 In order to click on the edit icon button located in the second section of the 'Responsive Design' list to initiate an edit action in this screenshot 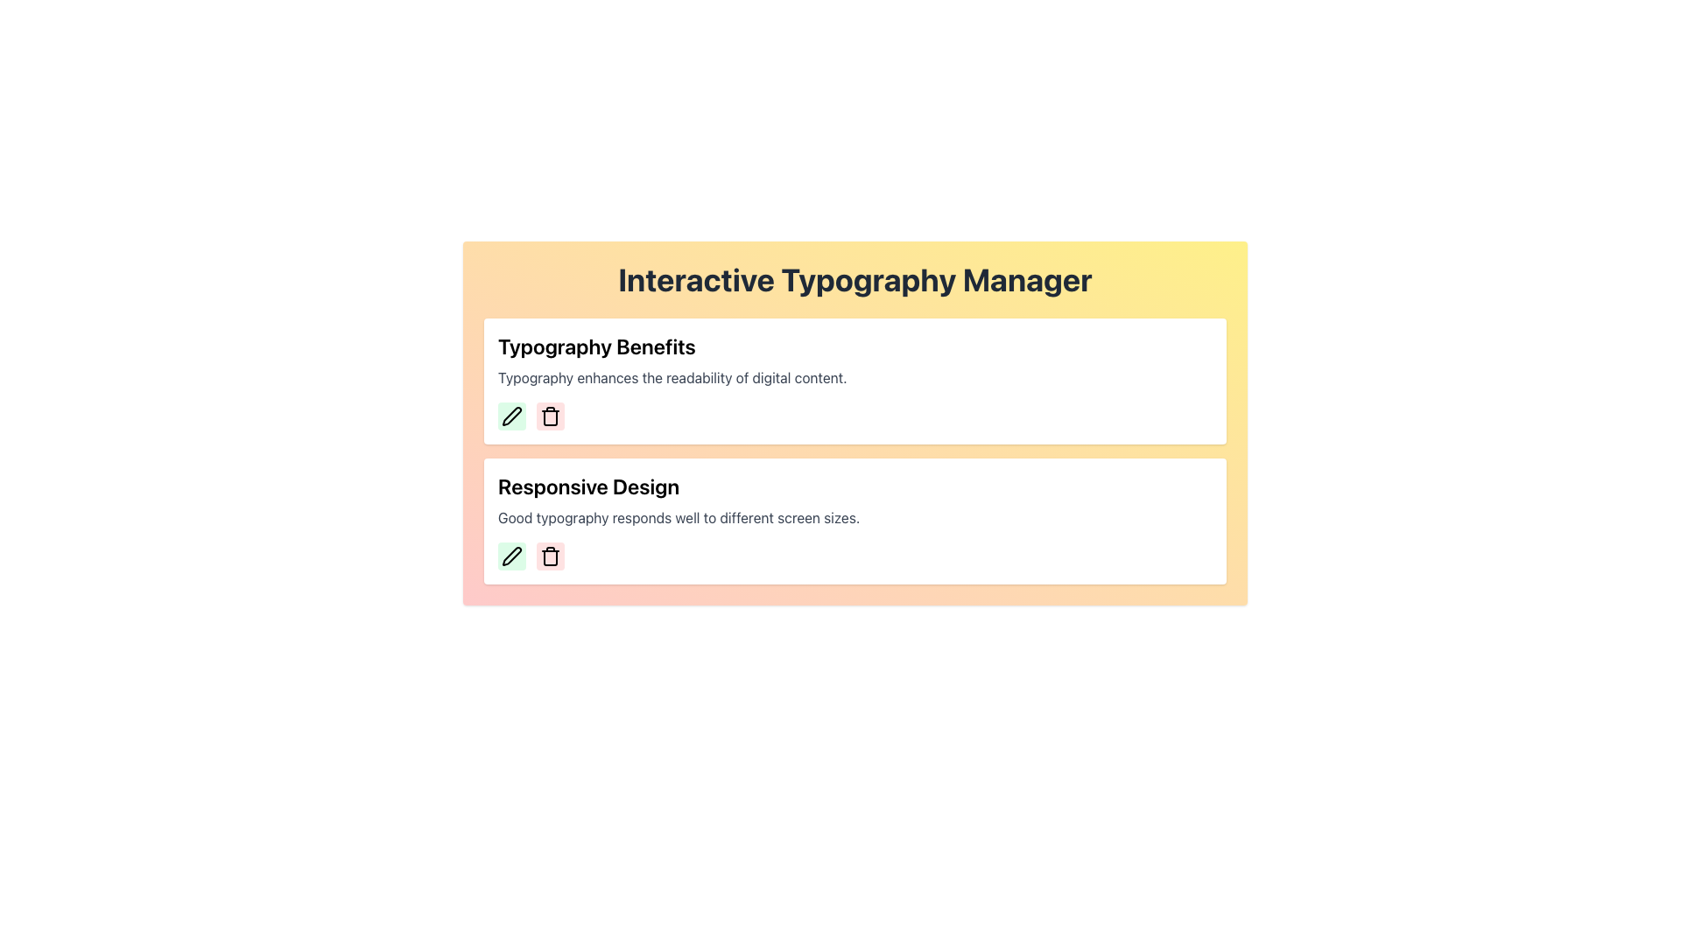, I will do `click(511, 416)`.